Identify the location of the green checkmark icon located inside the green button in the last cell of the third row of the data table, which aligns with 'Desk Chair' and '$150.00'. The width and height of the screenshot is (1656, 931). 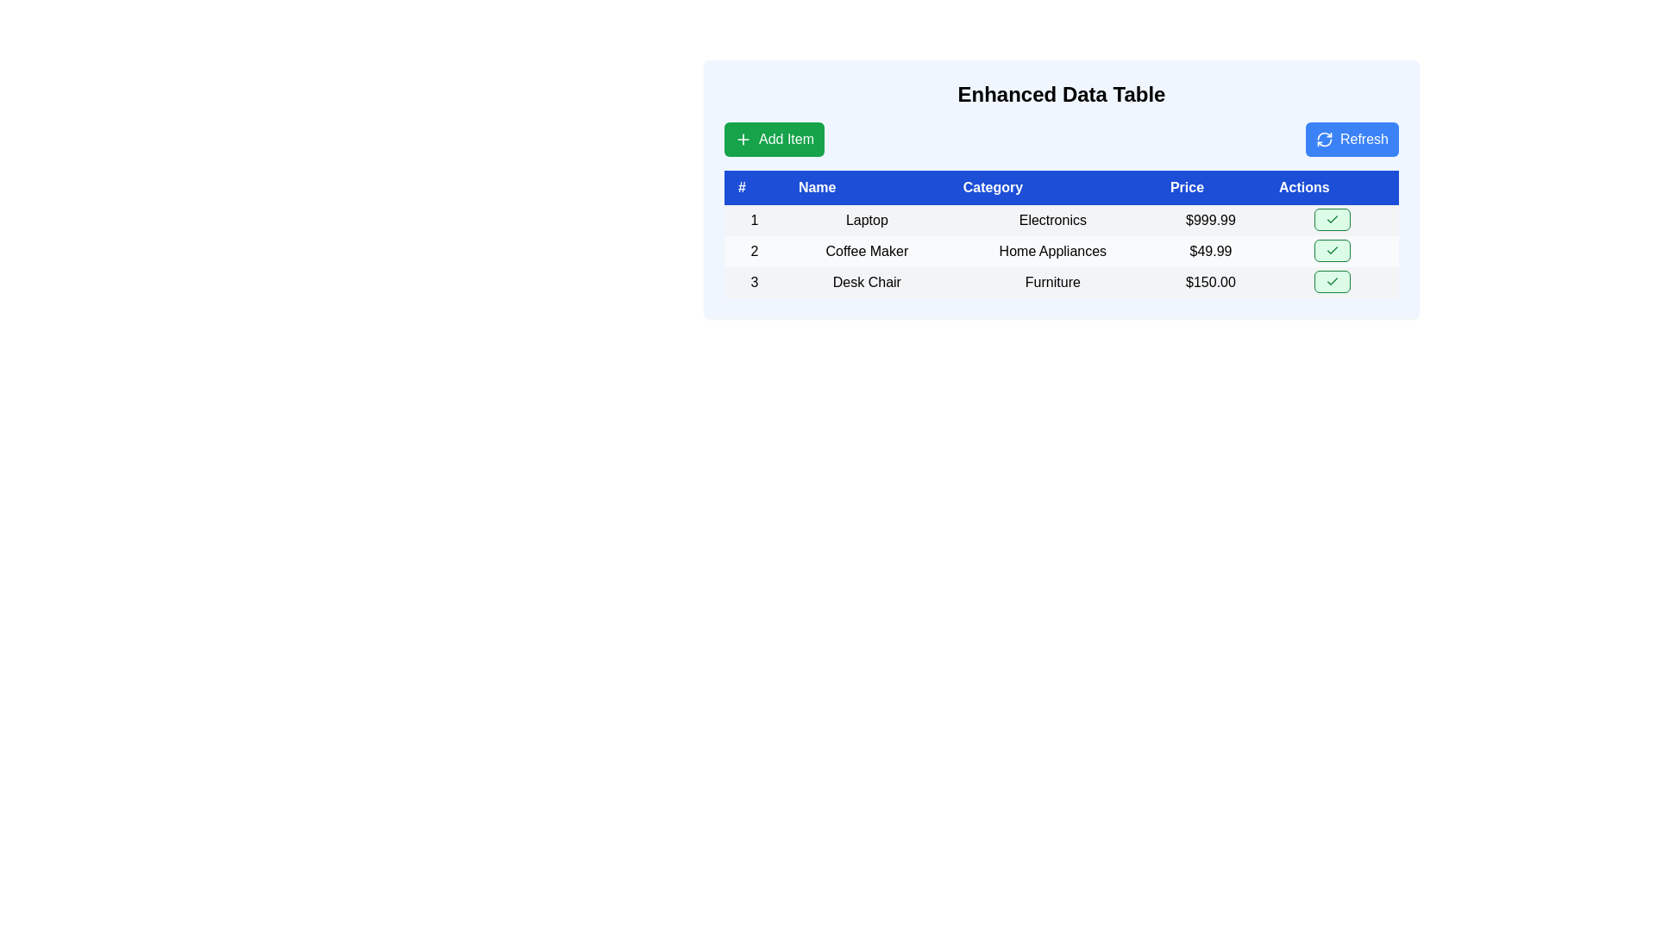
(1331, 218).